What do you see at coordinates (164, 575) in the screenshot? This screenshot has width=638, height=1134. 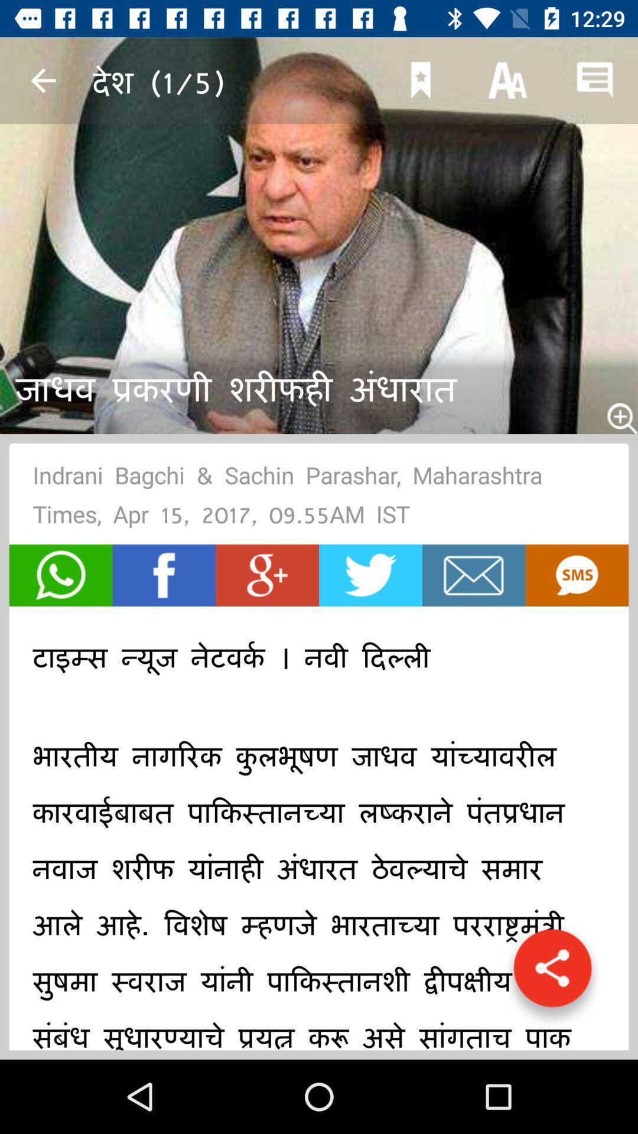 I see `facebook` at bounding box center [164, 575].